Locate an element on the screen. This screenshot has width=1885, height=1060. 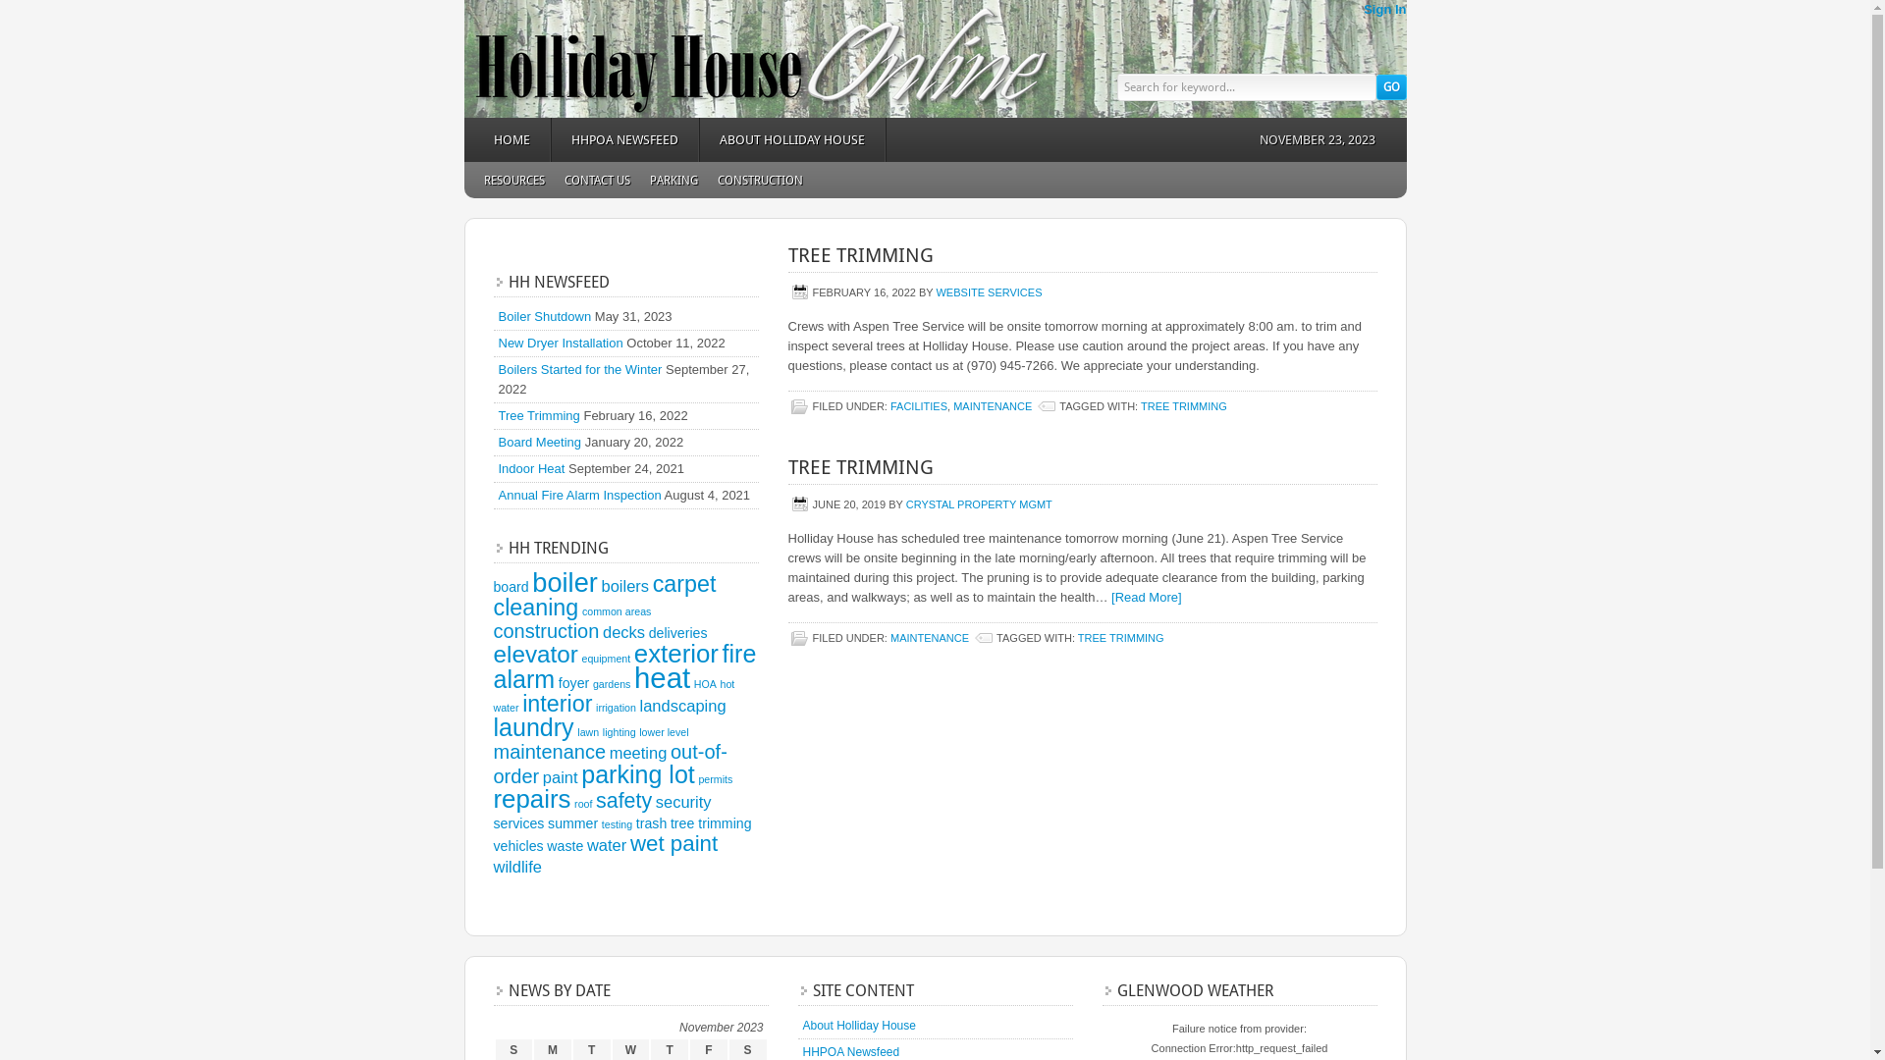
'MAINTENANCE' is located at coordinates (993, 404).